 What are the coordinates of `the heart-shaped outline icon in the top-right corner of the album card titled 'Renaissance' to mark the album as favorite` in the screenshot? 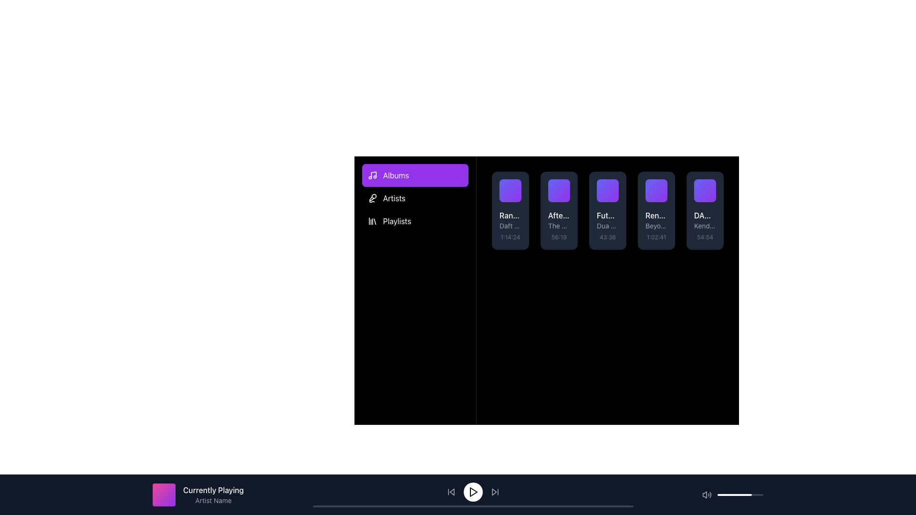 It's located at (661, 185).